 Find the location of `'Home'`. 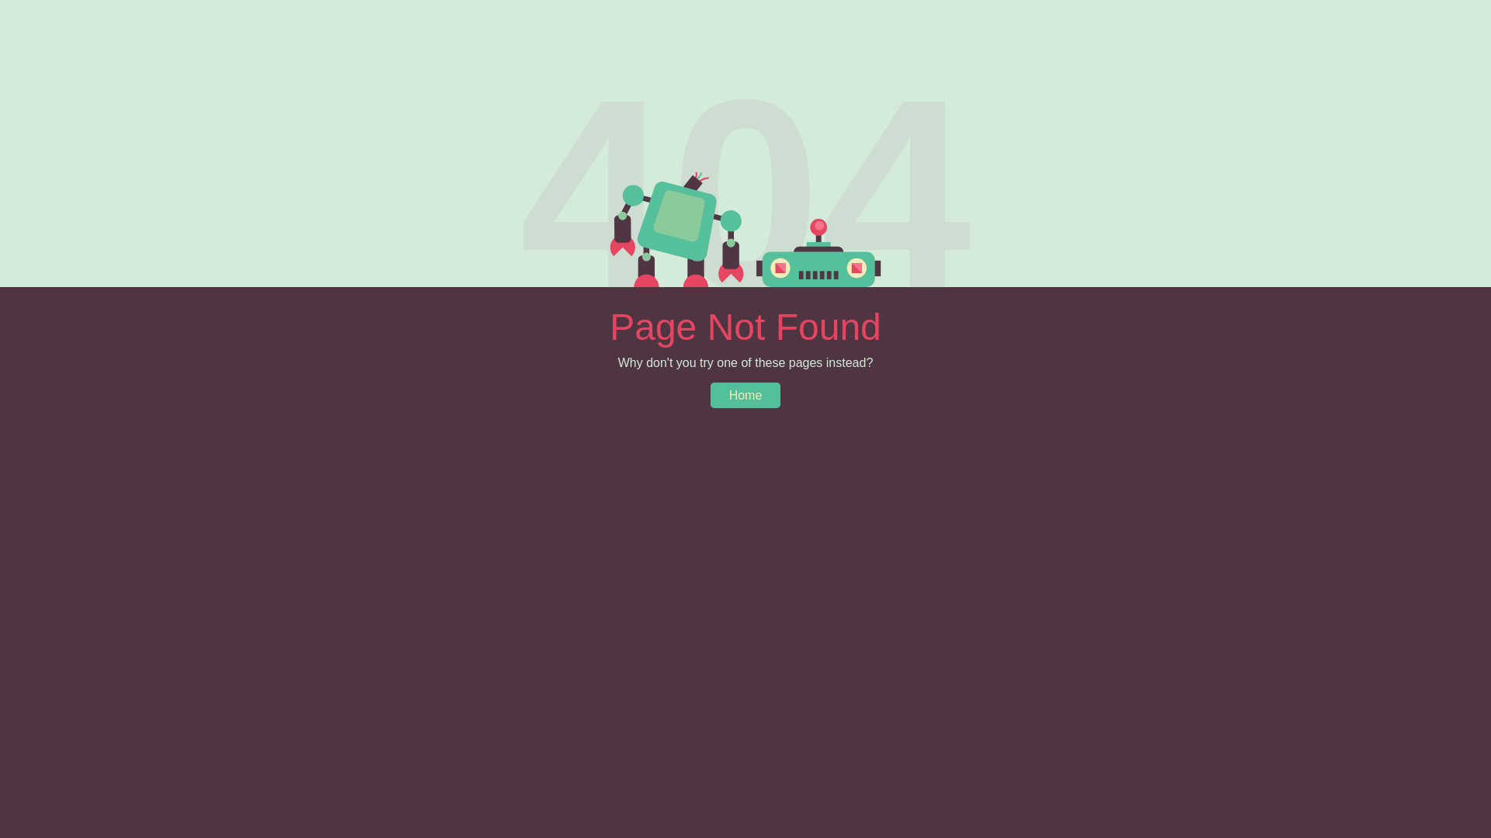

'Home' is located at coordinates (745, 394).